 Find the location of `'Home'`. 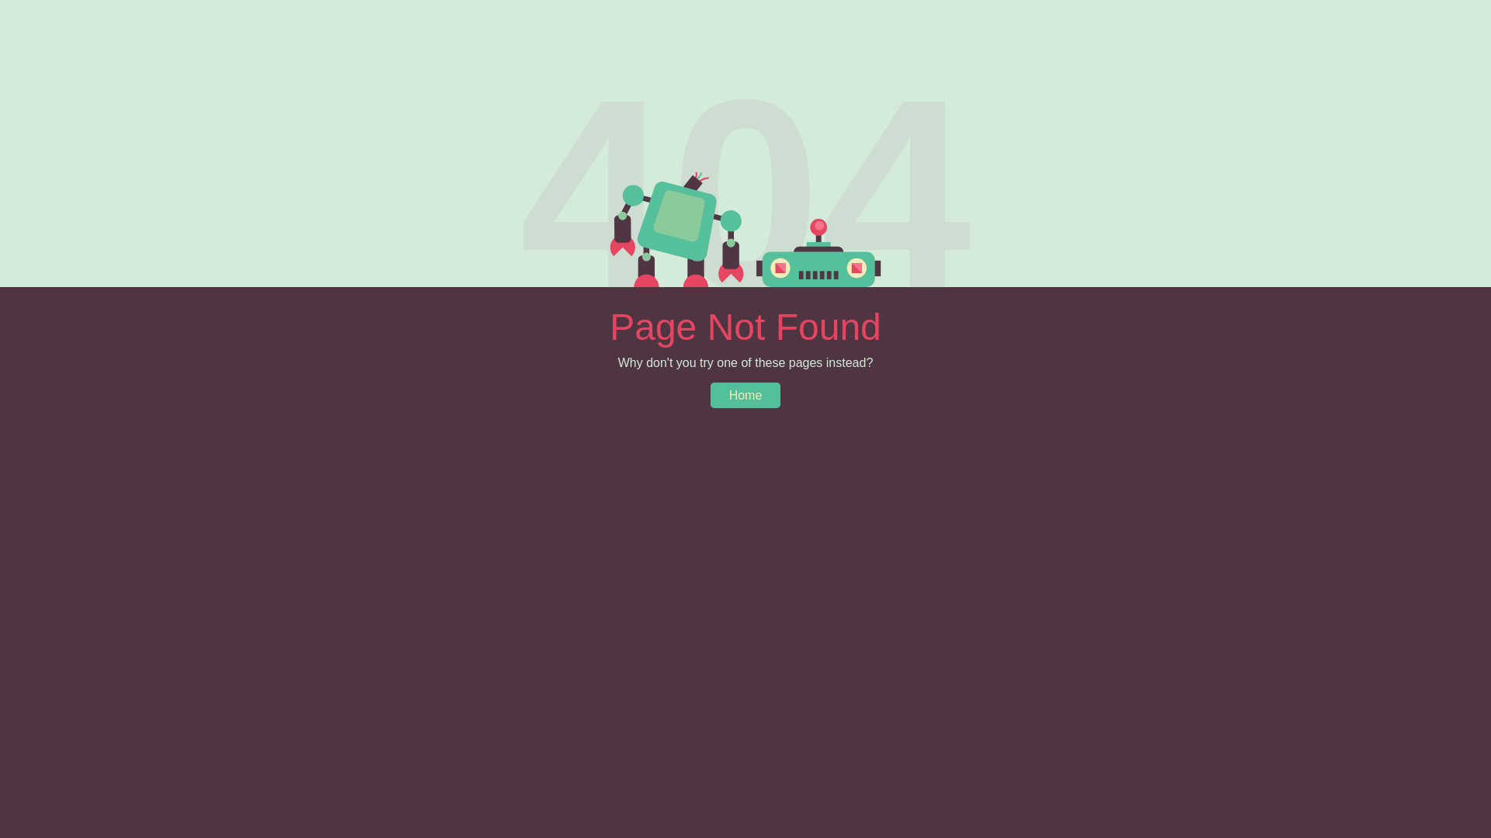

'Home' is located at coordinates (745, 394).